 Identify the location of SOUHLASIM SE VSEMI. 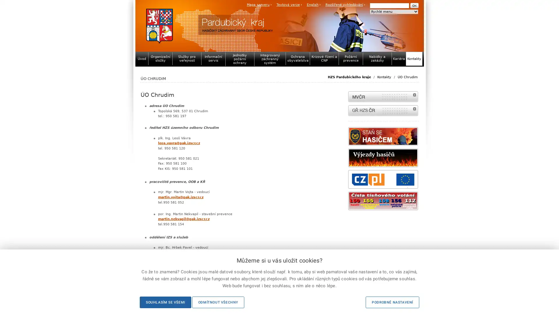
(165, 302).